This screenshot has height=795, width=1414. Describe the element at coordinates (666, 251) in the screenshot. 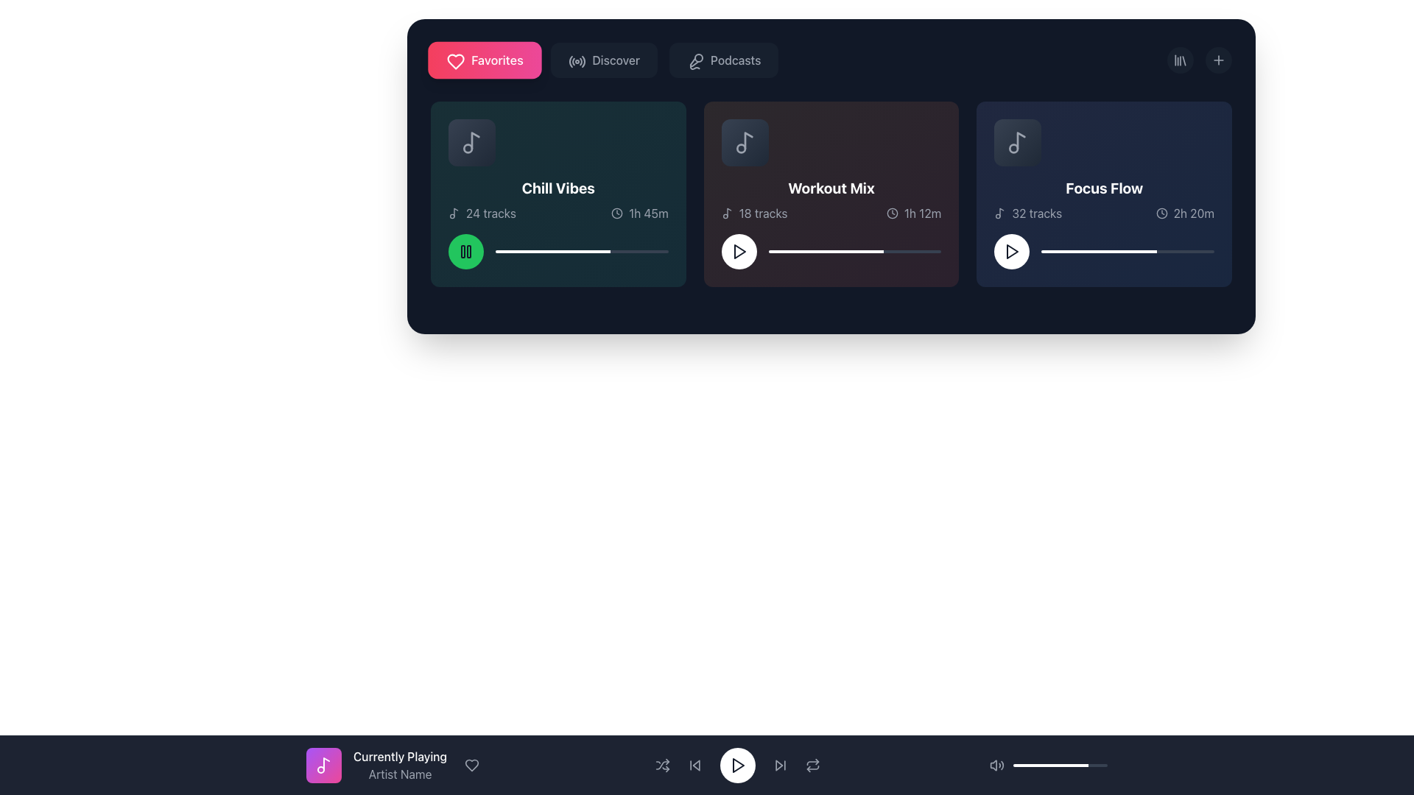

I see `the slider` at that location.